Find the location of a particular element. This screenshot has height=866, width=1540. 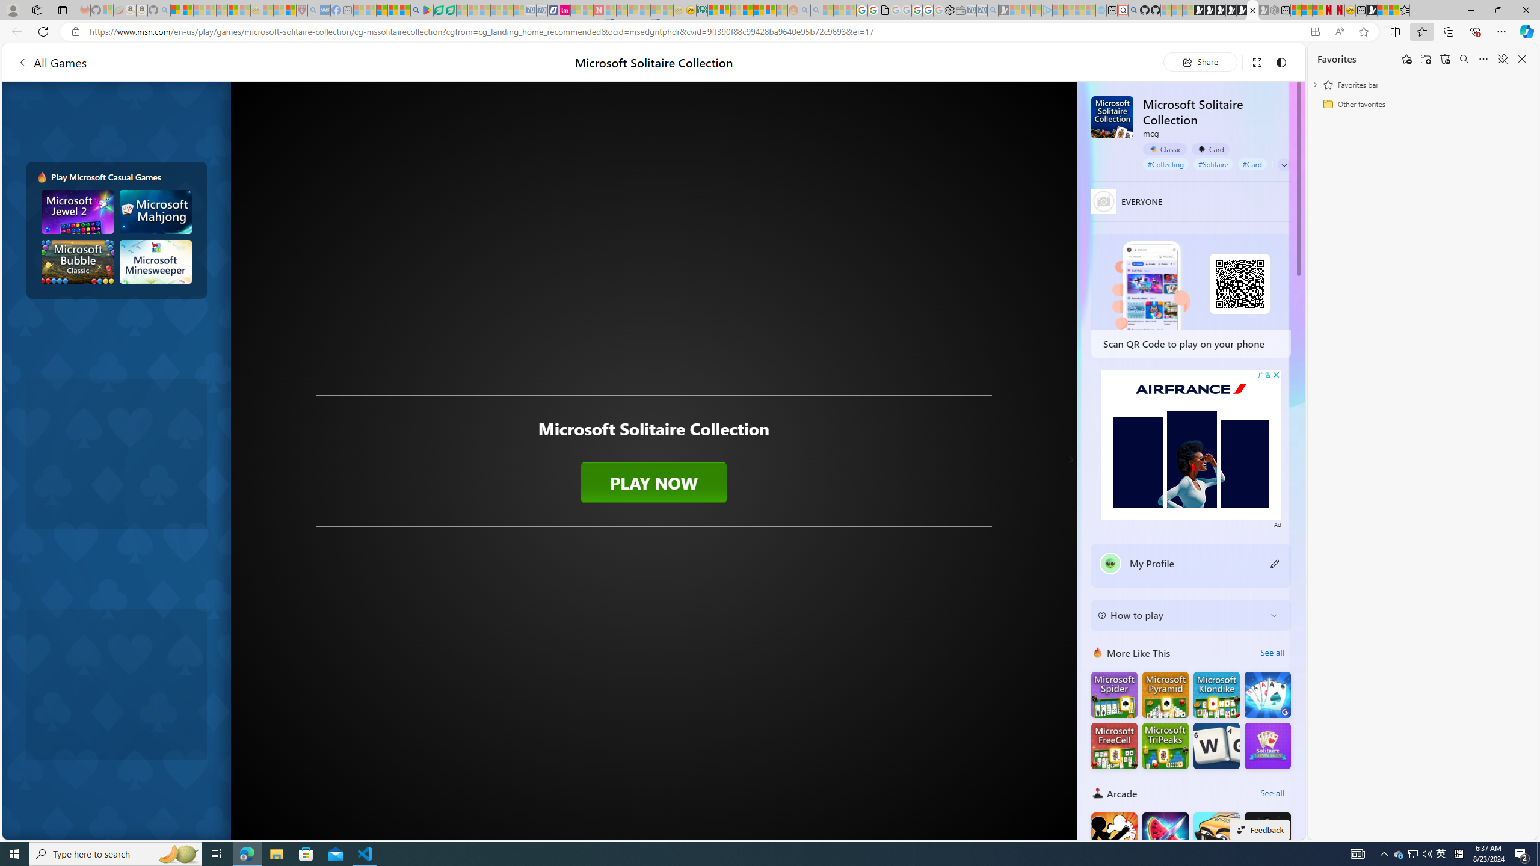

'Expert Portfolios' is located at coordinates (748, 10).